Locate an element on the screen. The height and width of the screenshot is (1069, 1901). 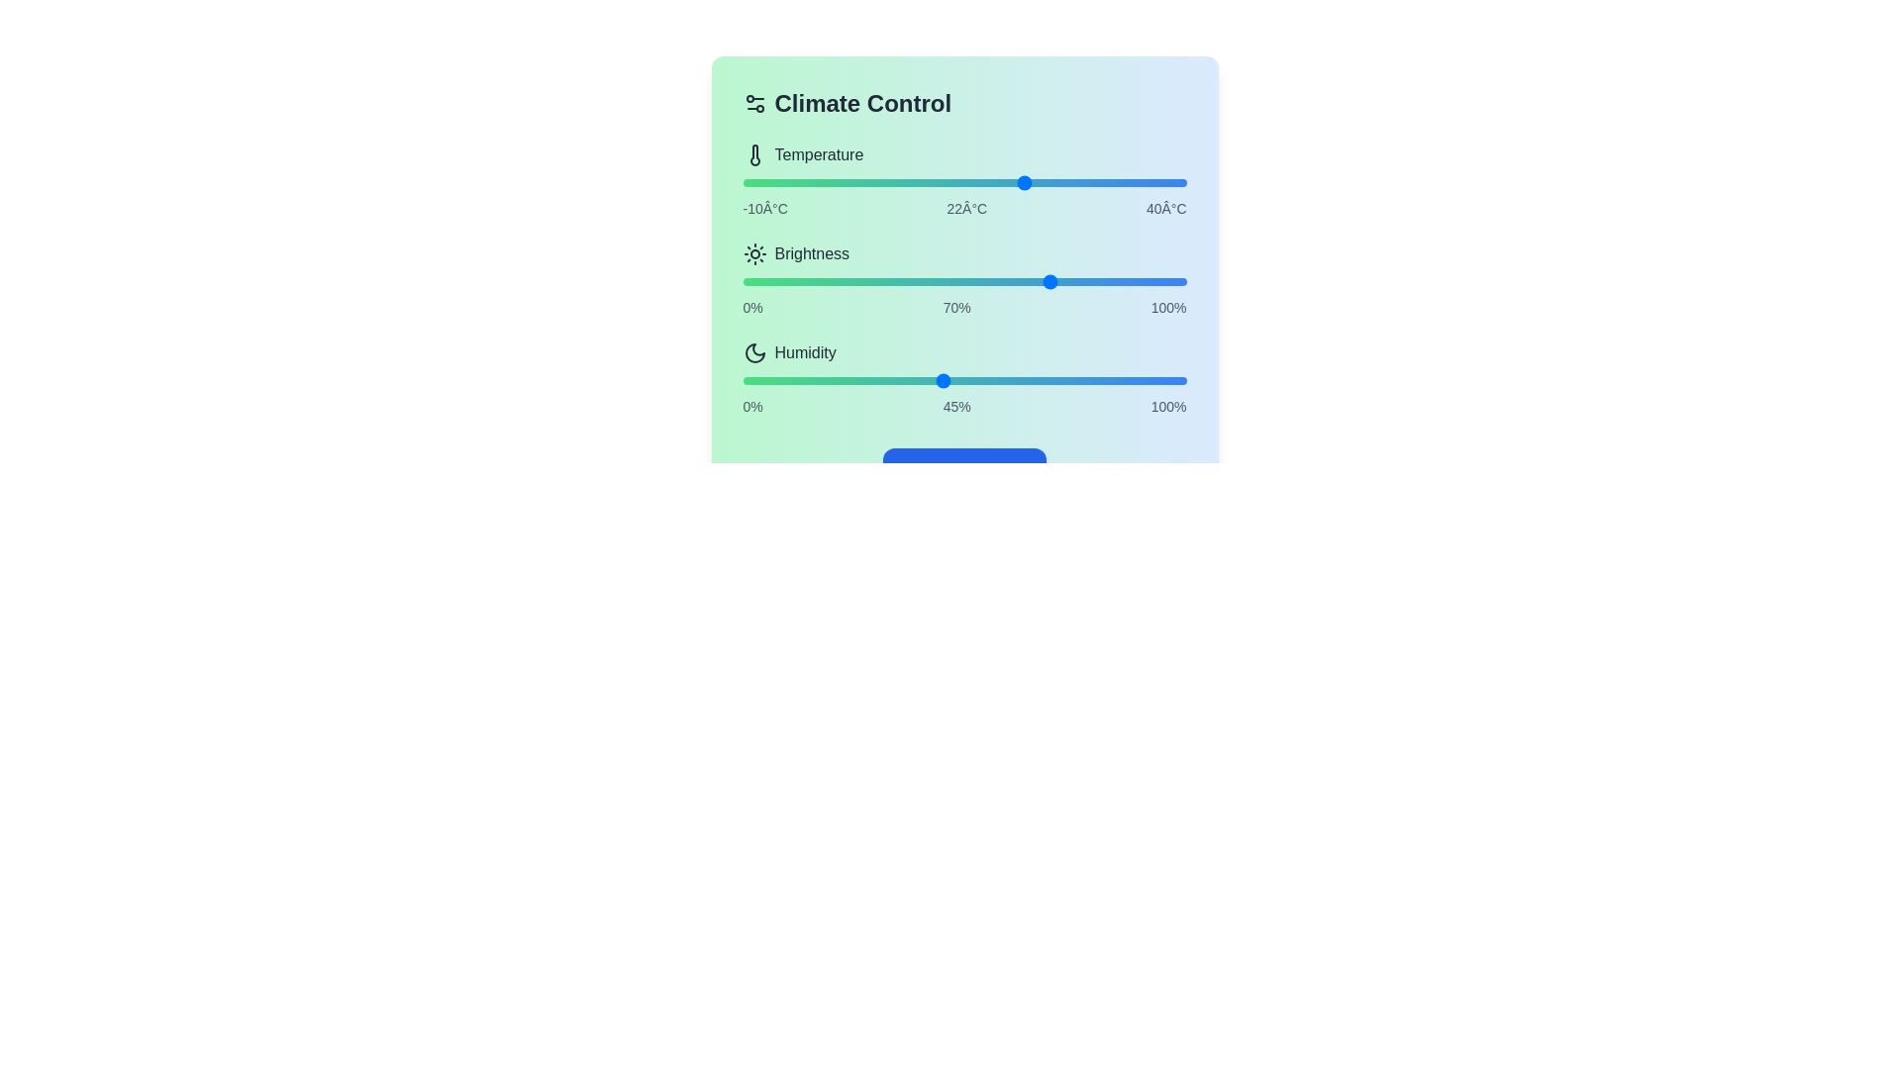
the brightness is located at coordinates (754, 282).